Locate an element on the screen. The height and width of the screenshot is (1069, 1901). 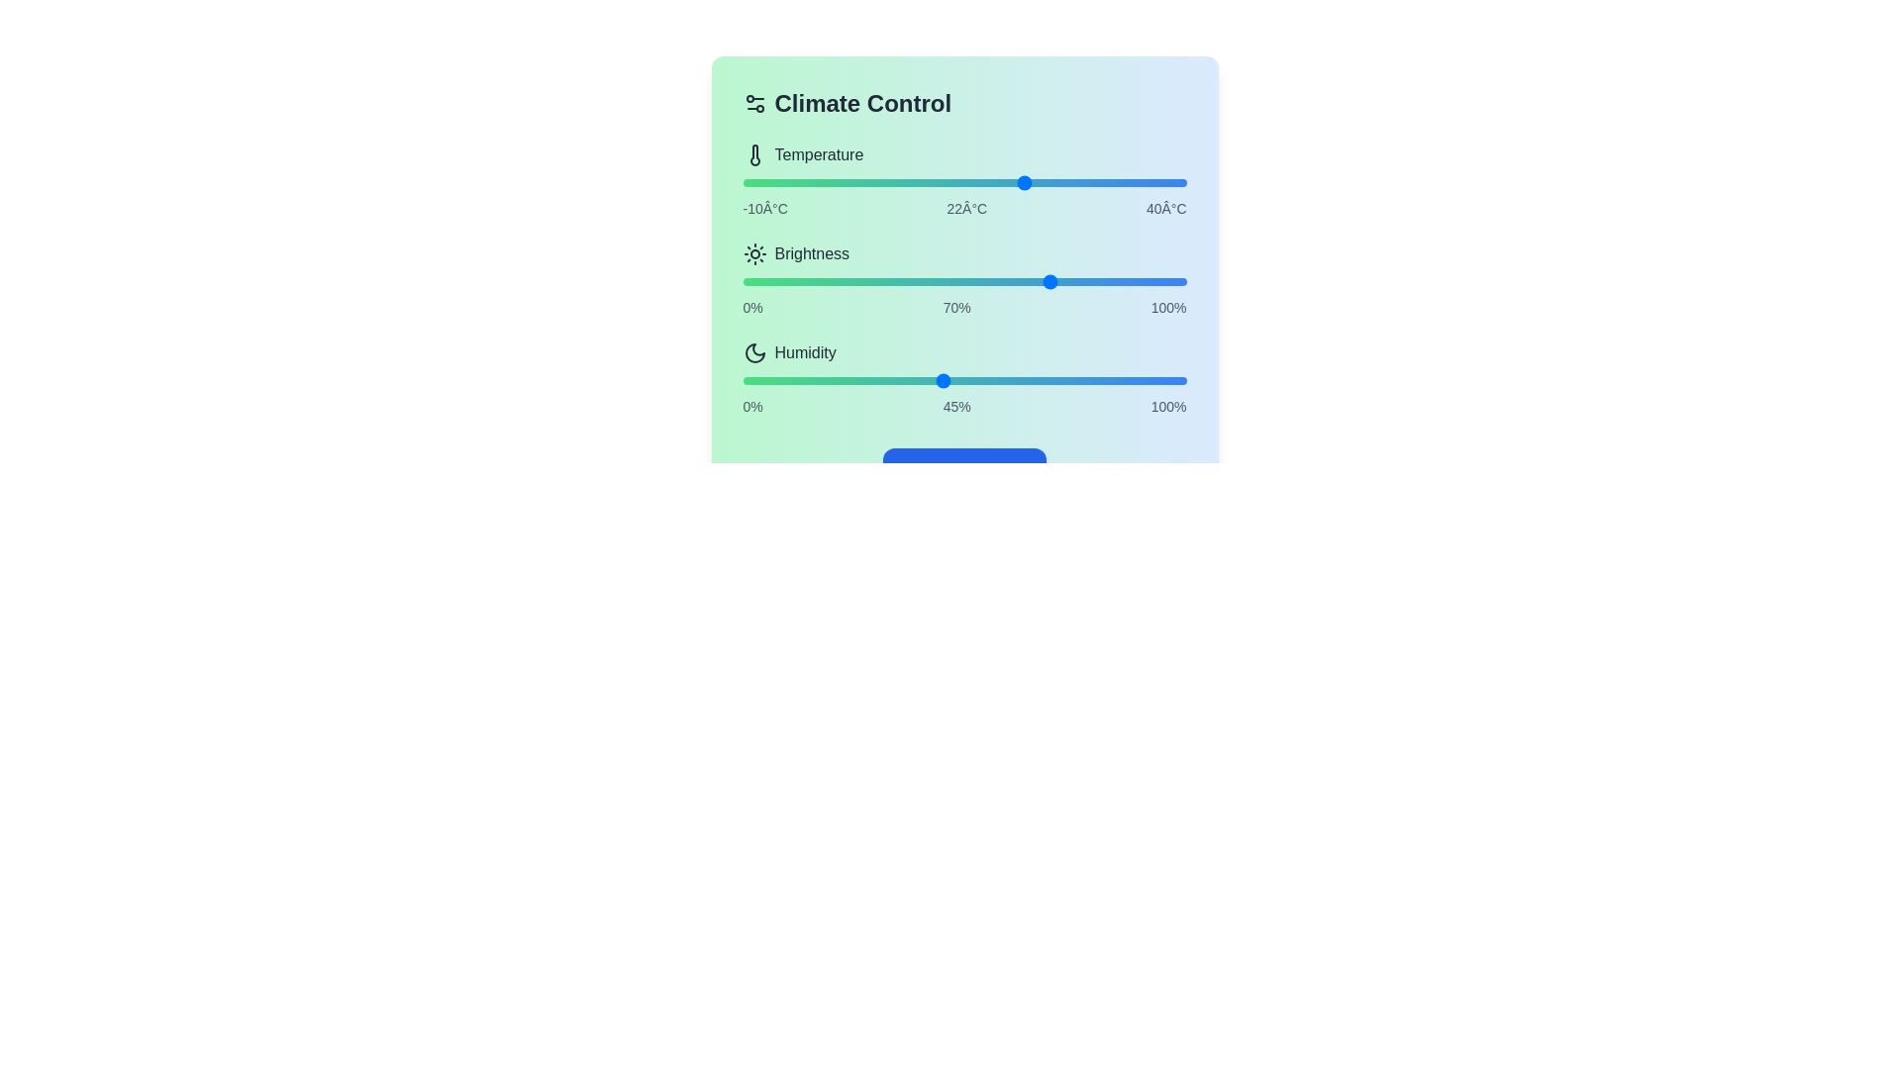
the brightness is located at coordinates (754, 282).